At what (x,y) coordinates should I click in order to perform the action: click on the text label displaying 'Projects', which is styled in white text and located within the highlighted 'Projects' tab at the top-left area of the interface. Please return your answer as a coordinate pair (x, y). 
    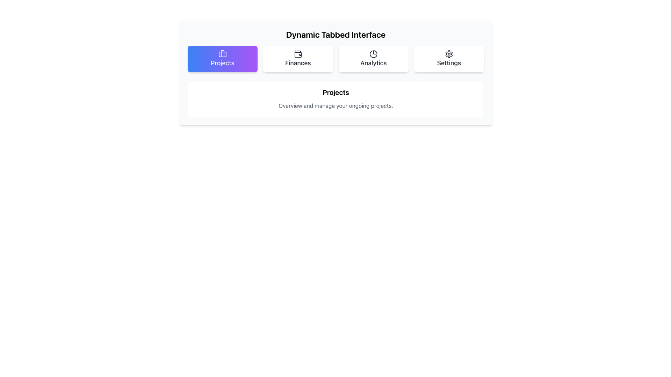
    Looking at the image, I should click on (222, 63).